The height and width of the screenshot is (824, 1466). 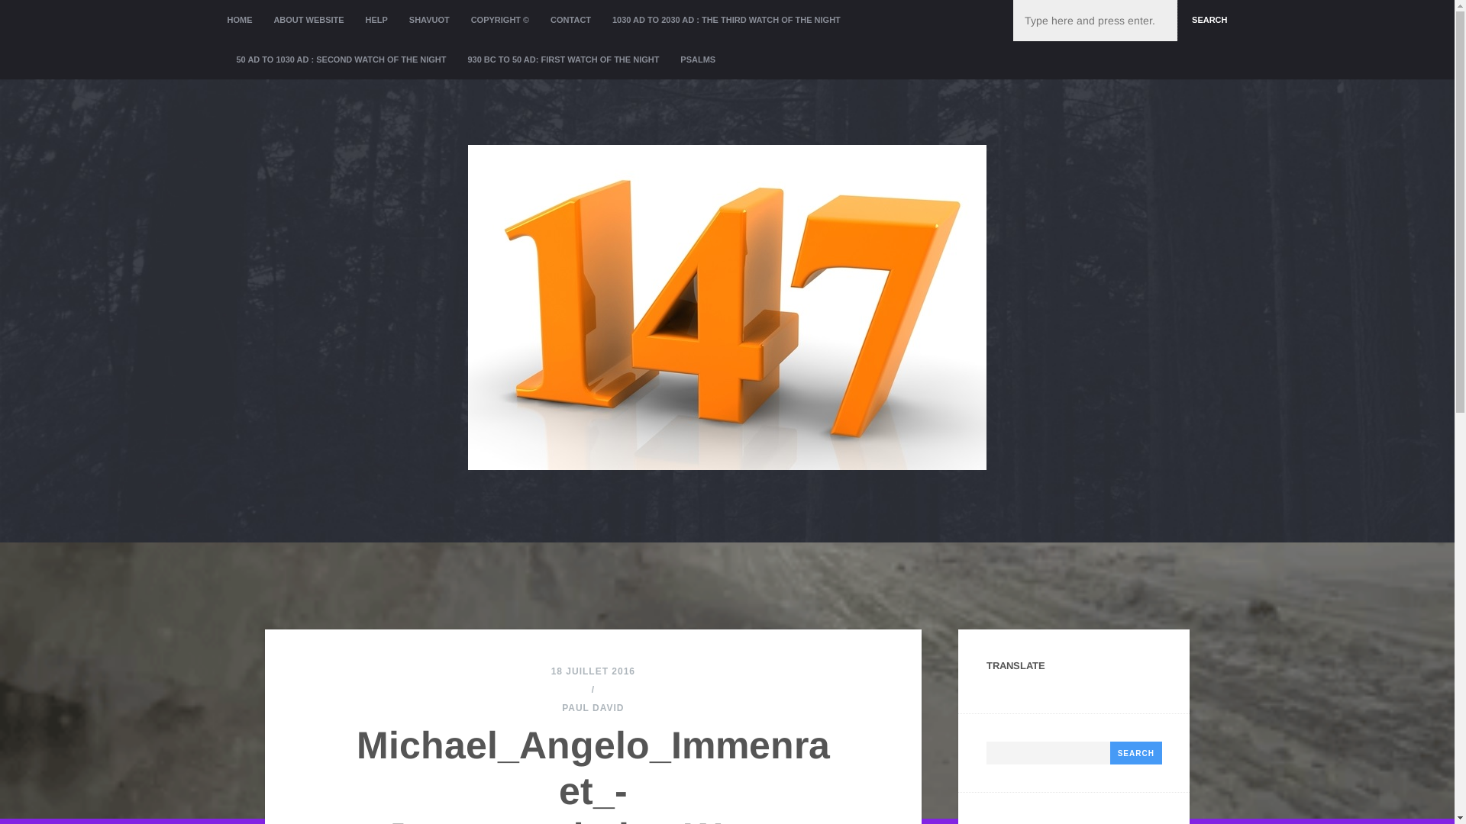 I want to click on 'CONTACT', so click(x=570, y=20).